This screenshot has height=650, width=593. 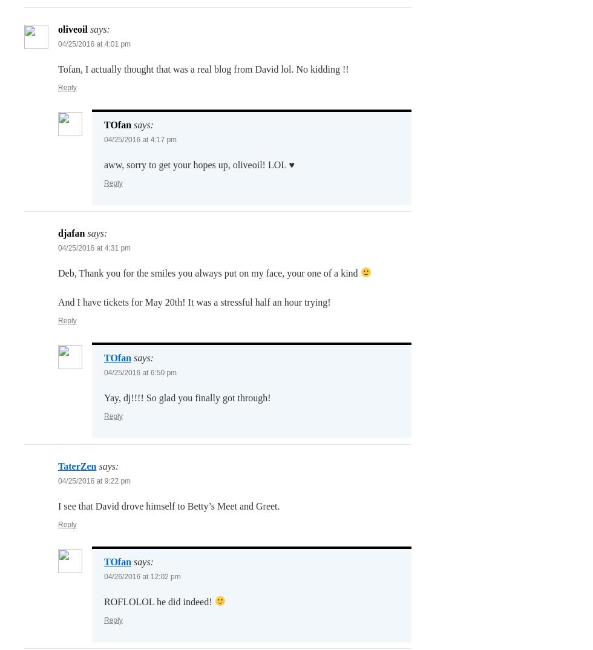 I want to click on 'Tofan, I actually thought that was a real blog from David lol. No kidding !!', so click(x=58, y=68).